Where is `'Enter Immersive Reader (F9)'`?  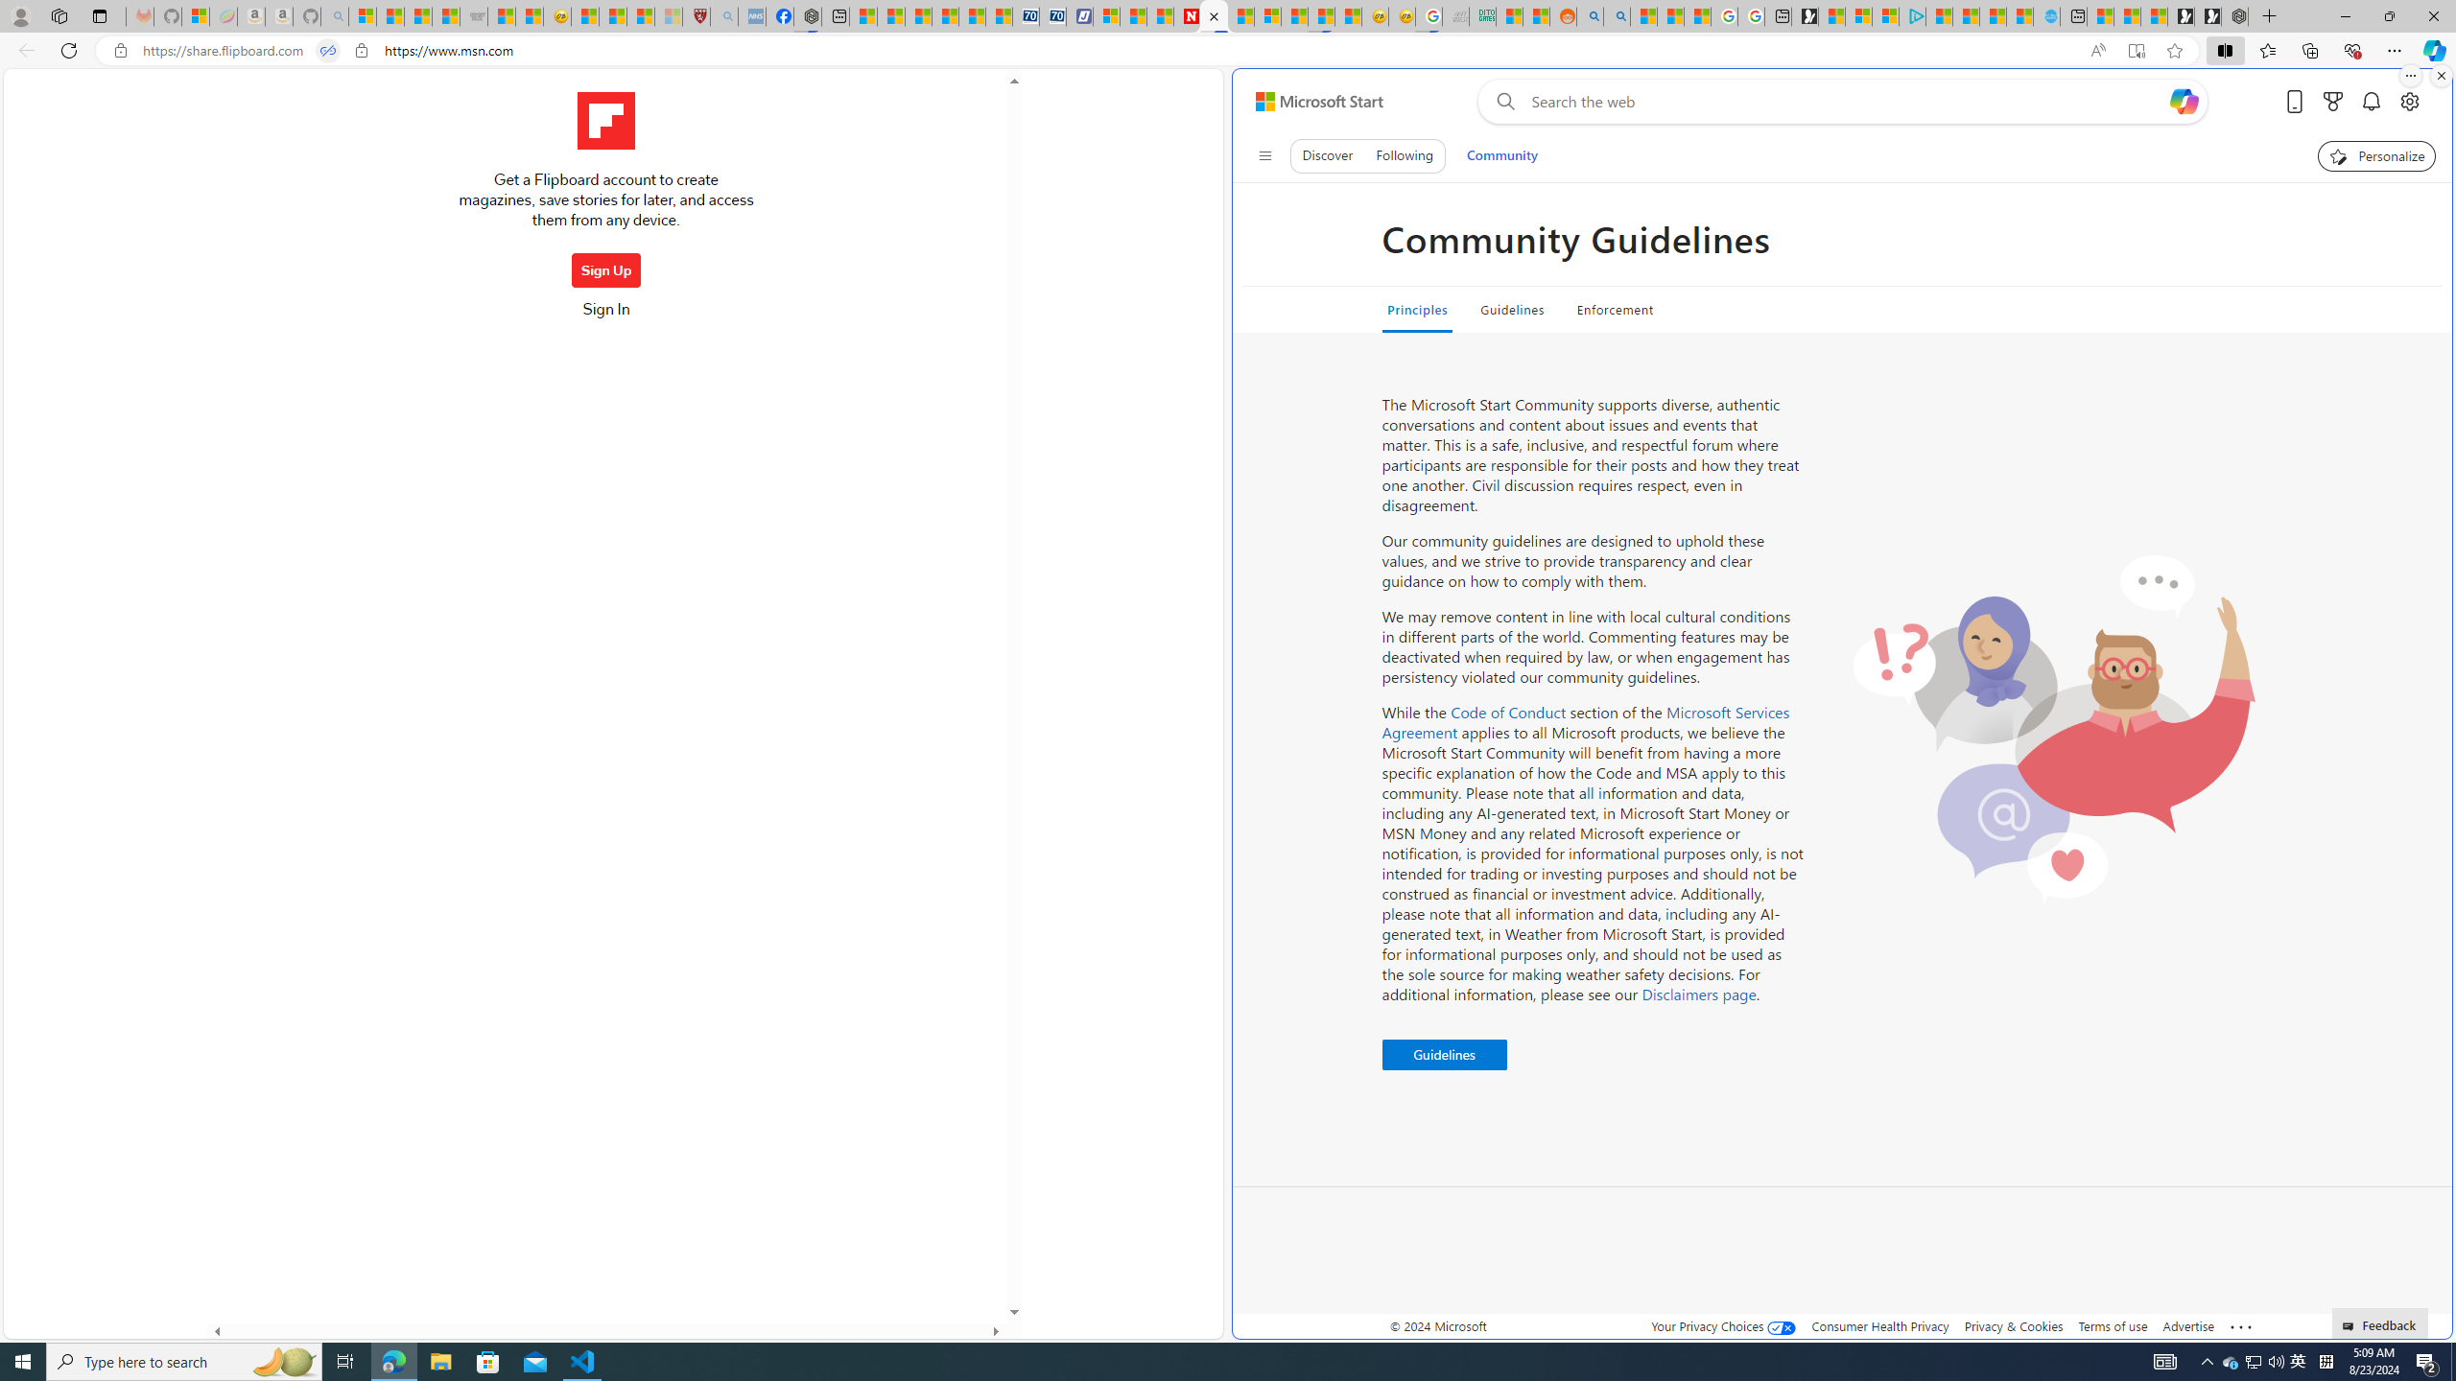
'Enter Immersive Reader (F9)' is located at coordinates (2136, 51).